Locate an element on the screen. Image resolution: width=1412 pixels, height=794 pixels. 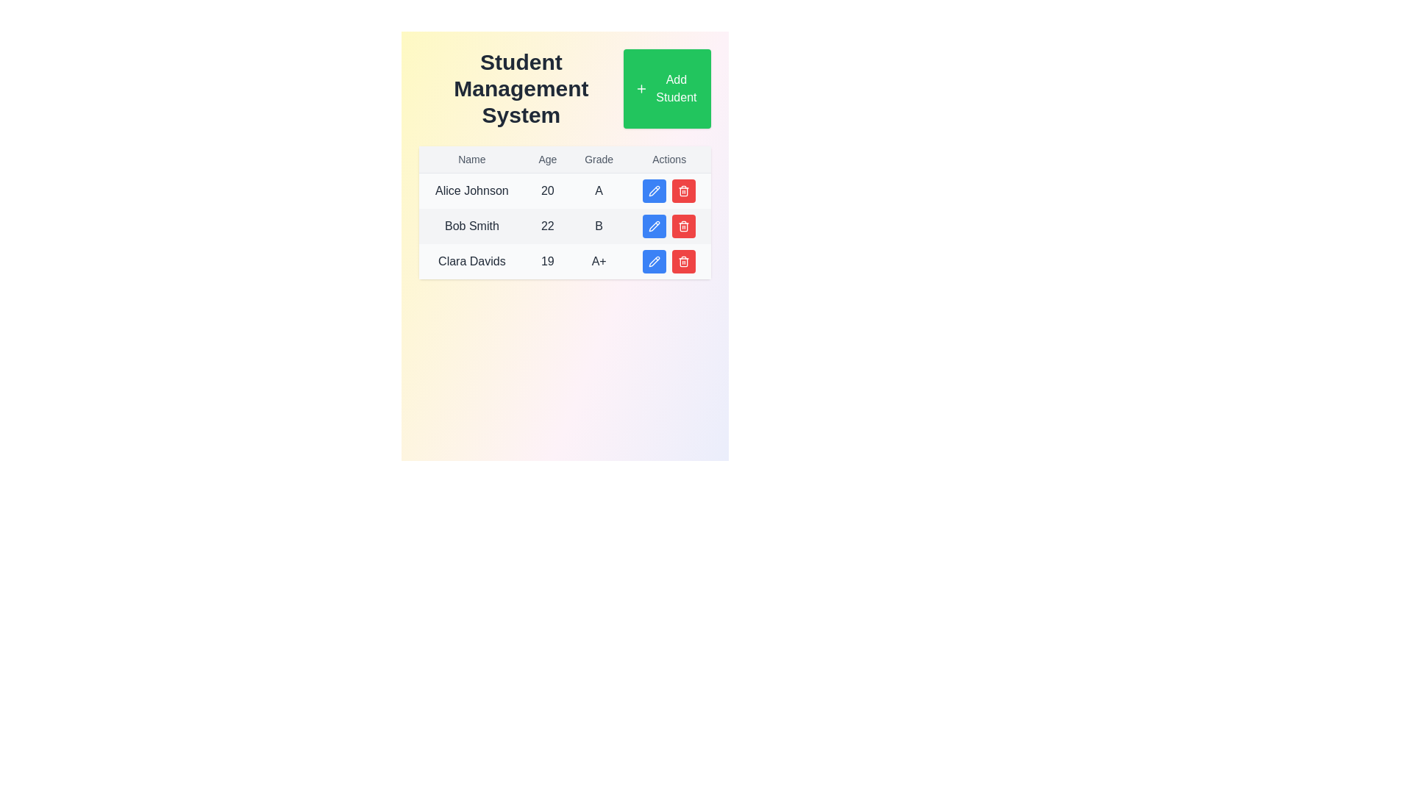
the blue button with a white pencil icon located in the second row of the actions column in the table is located at coordinates (654, 226).